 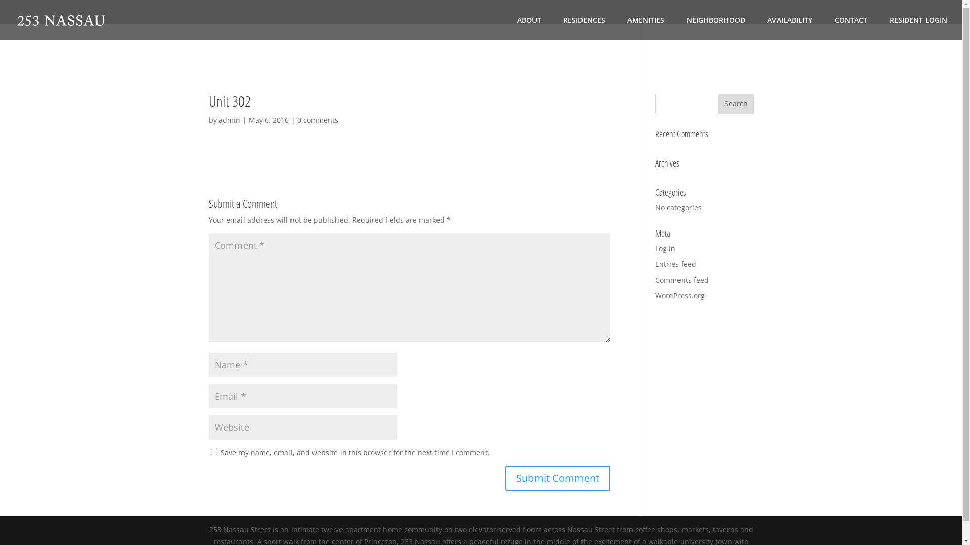 I want to click on 'RESIDENT LOGIN', so click(x=918, y=28).